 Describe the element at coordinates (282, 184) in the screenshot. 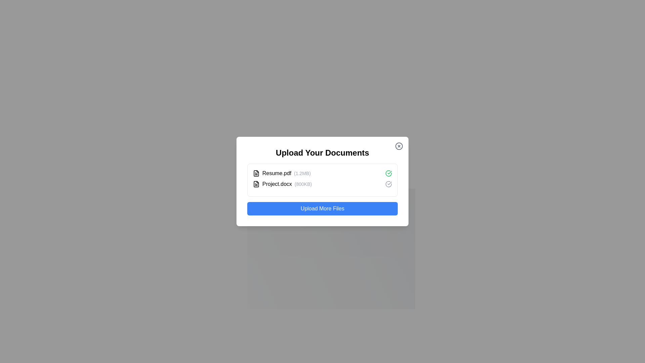

I see `the file display element representing 'Project.docx'` at that location.